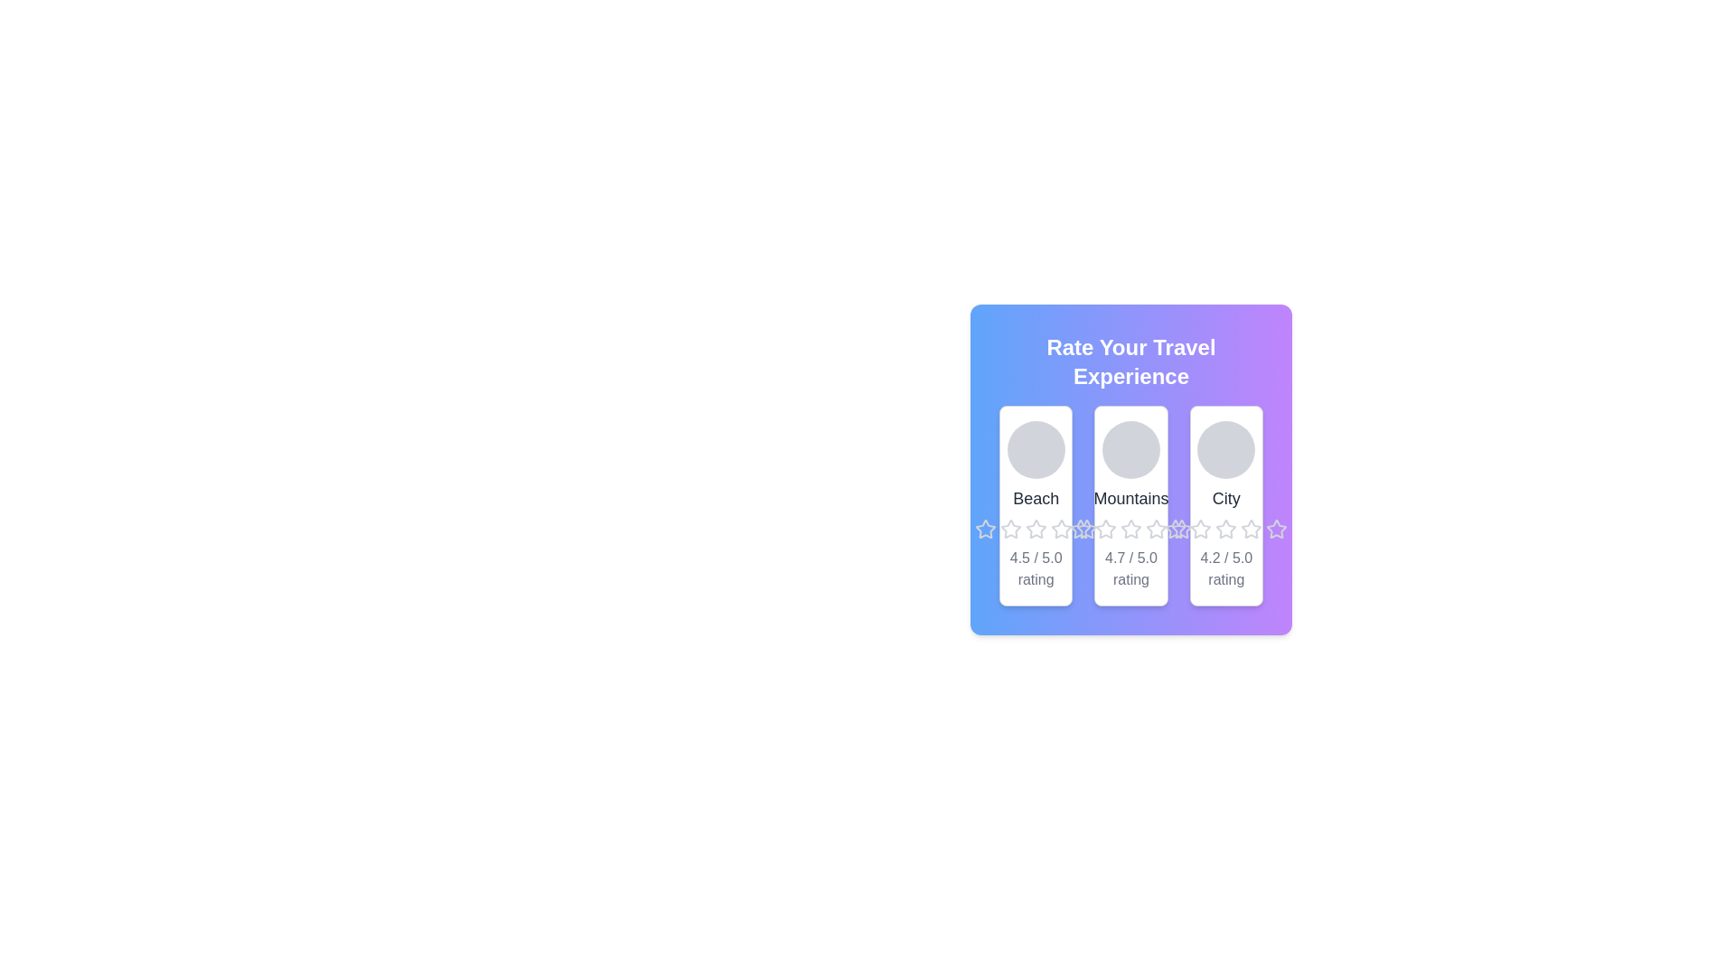 The image size is (1735, 976). I want to click on the second star icon in the horizontal row of five stars under the 'Mountains' card, so click(1176, 529).